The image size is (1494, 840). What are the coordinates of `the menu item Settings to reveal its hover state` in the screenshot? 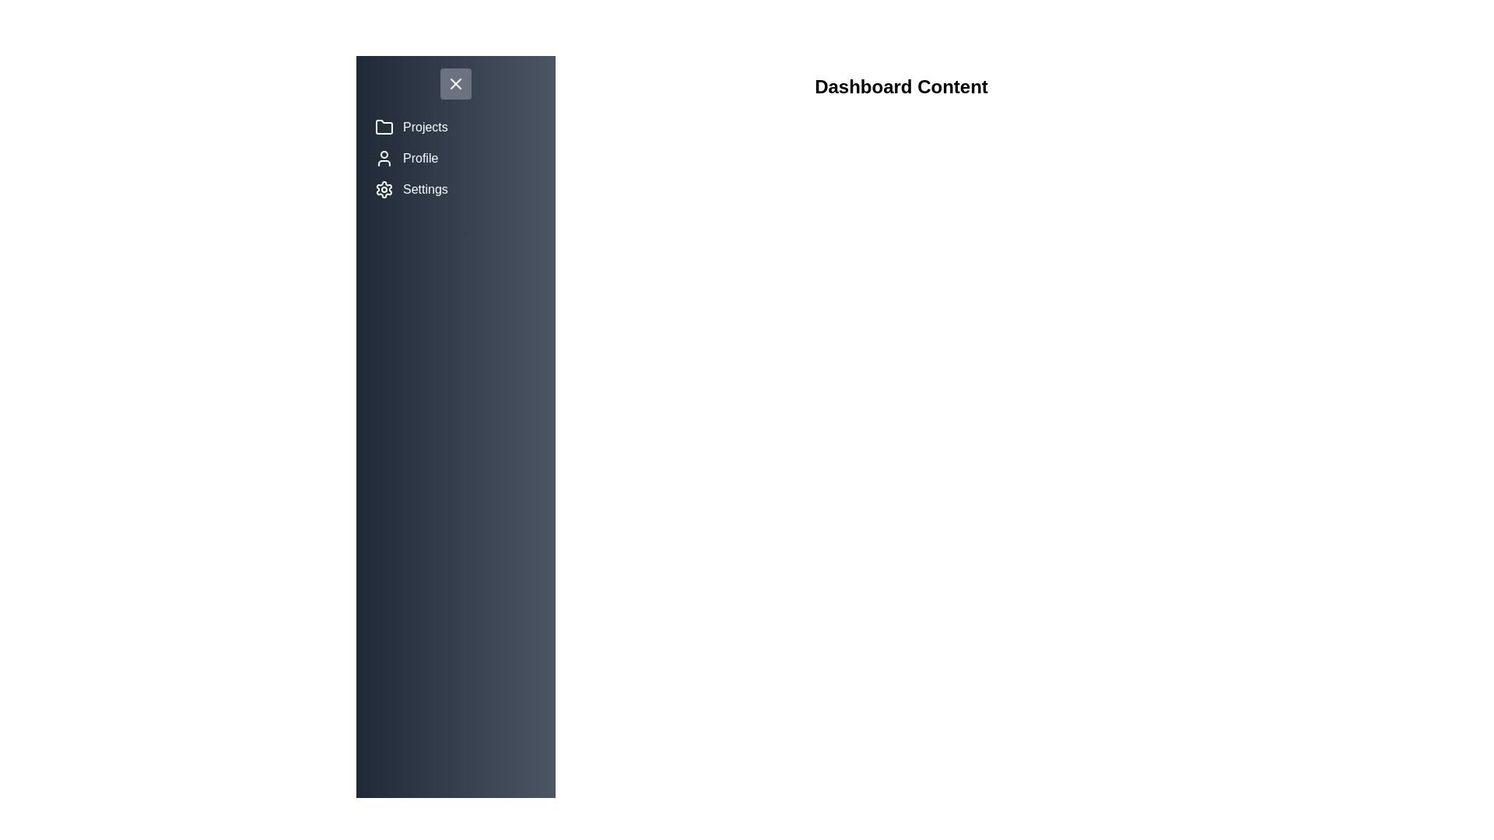 It's located at (454, 188).